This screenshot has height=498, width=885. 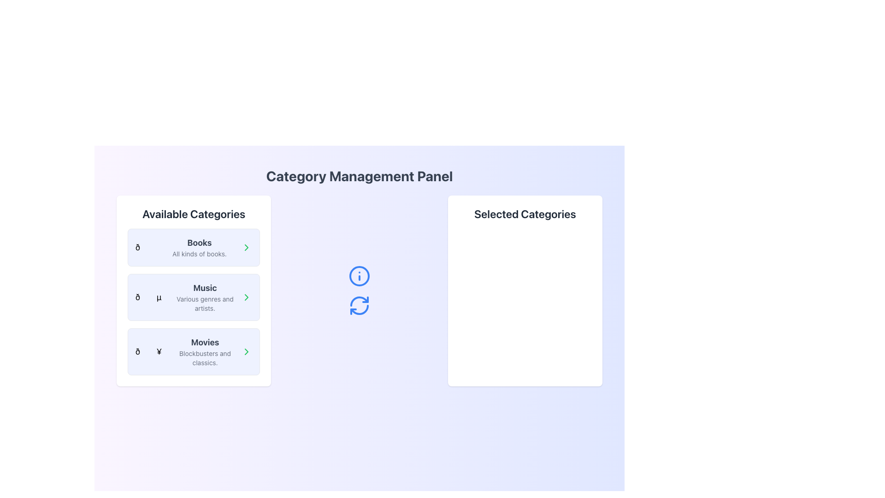 I want to click on the bold text label displaying the word 'Books', which is positioned in the top section of a card within a list of categories on the left side of the interface, so click(x=199, y=243).